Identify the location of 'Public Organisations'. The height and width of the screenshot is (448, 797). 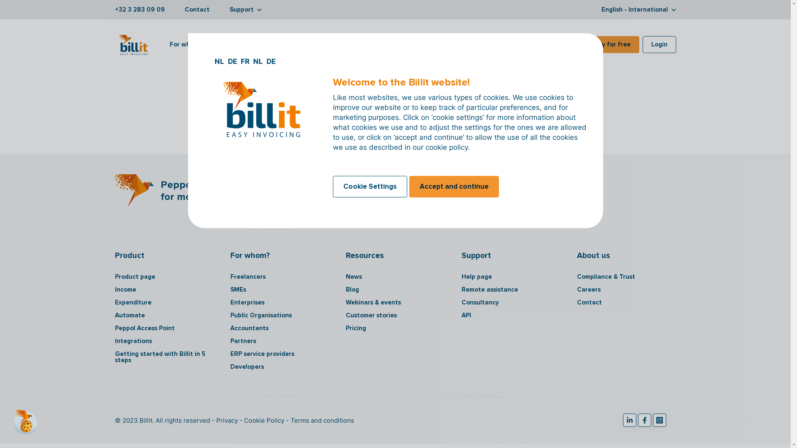
(230, 315).